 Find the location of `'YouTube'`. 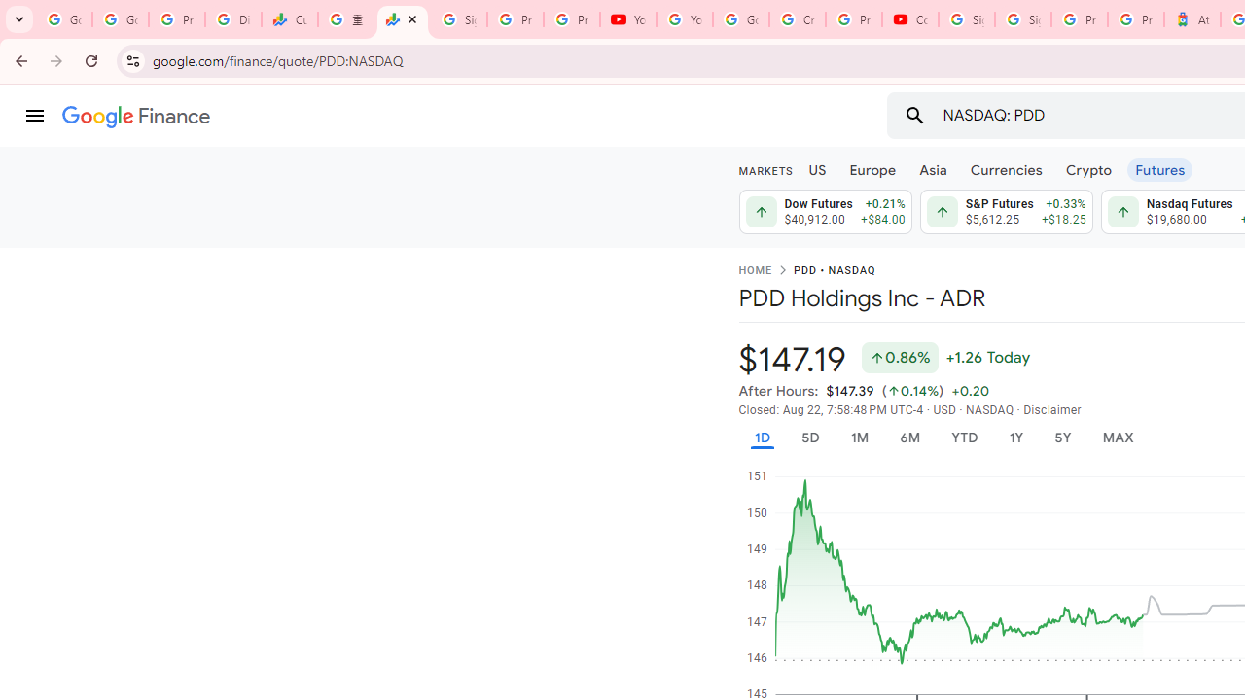

'YouTube' is located at coordinates (685, 19).